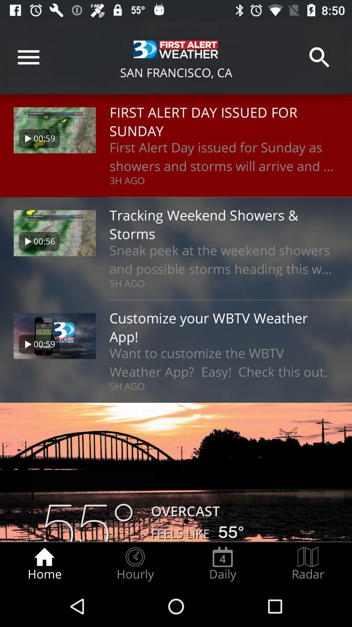 The height and width of the screenshot is (627, 352). What do you see at coordinates (44, 564) in the screenshot?
I see `the icon next to the hourly icon` at bounding box center [44, 564].